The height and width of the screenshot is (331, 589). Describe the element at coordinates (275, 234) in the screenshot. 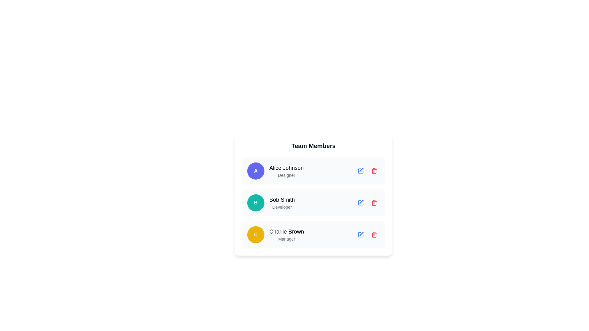

I see `the name 'Charlie Brown' in the user information list item, which features a circular icon with 'C' inside a yellow filled circle` at that location.